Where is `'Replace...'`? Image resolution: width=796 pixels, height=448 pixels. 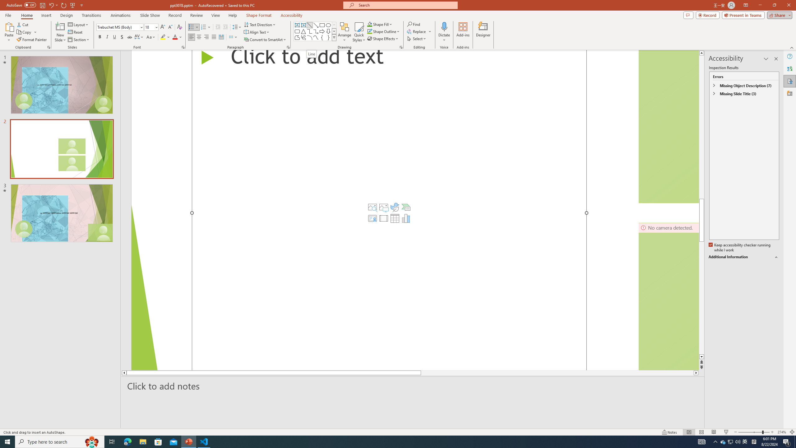
'Replace...' is located at coordinates (419, 31).